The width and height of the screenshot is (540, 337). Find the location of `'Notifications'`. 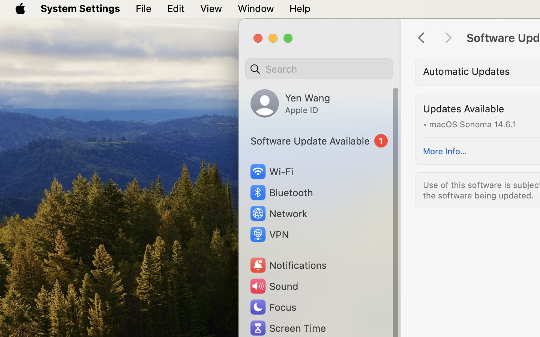

'Notifications' is located at coordinates (287, 265).